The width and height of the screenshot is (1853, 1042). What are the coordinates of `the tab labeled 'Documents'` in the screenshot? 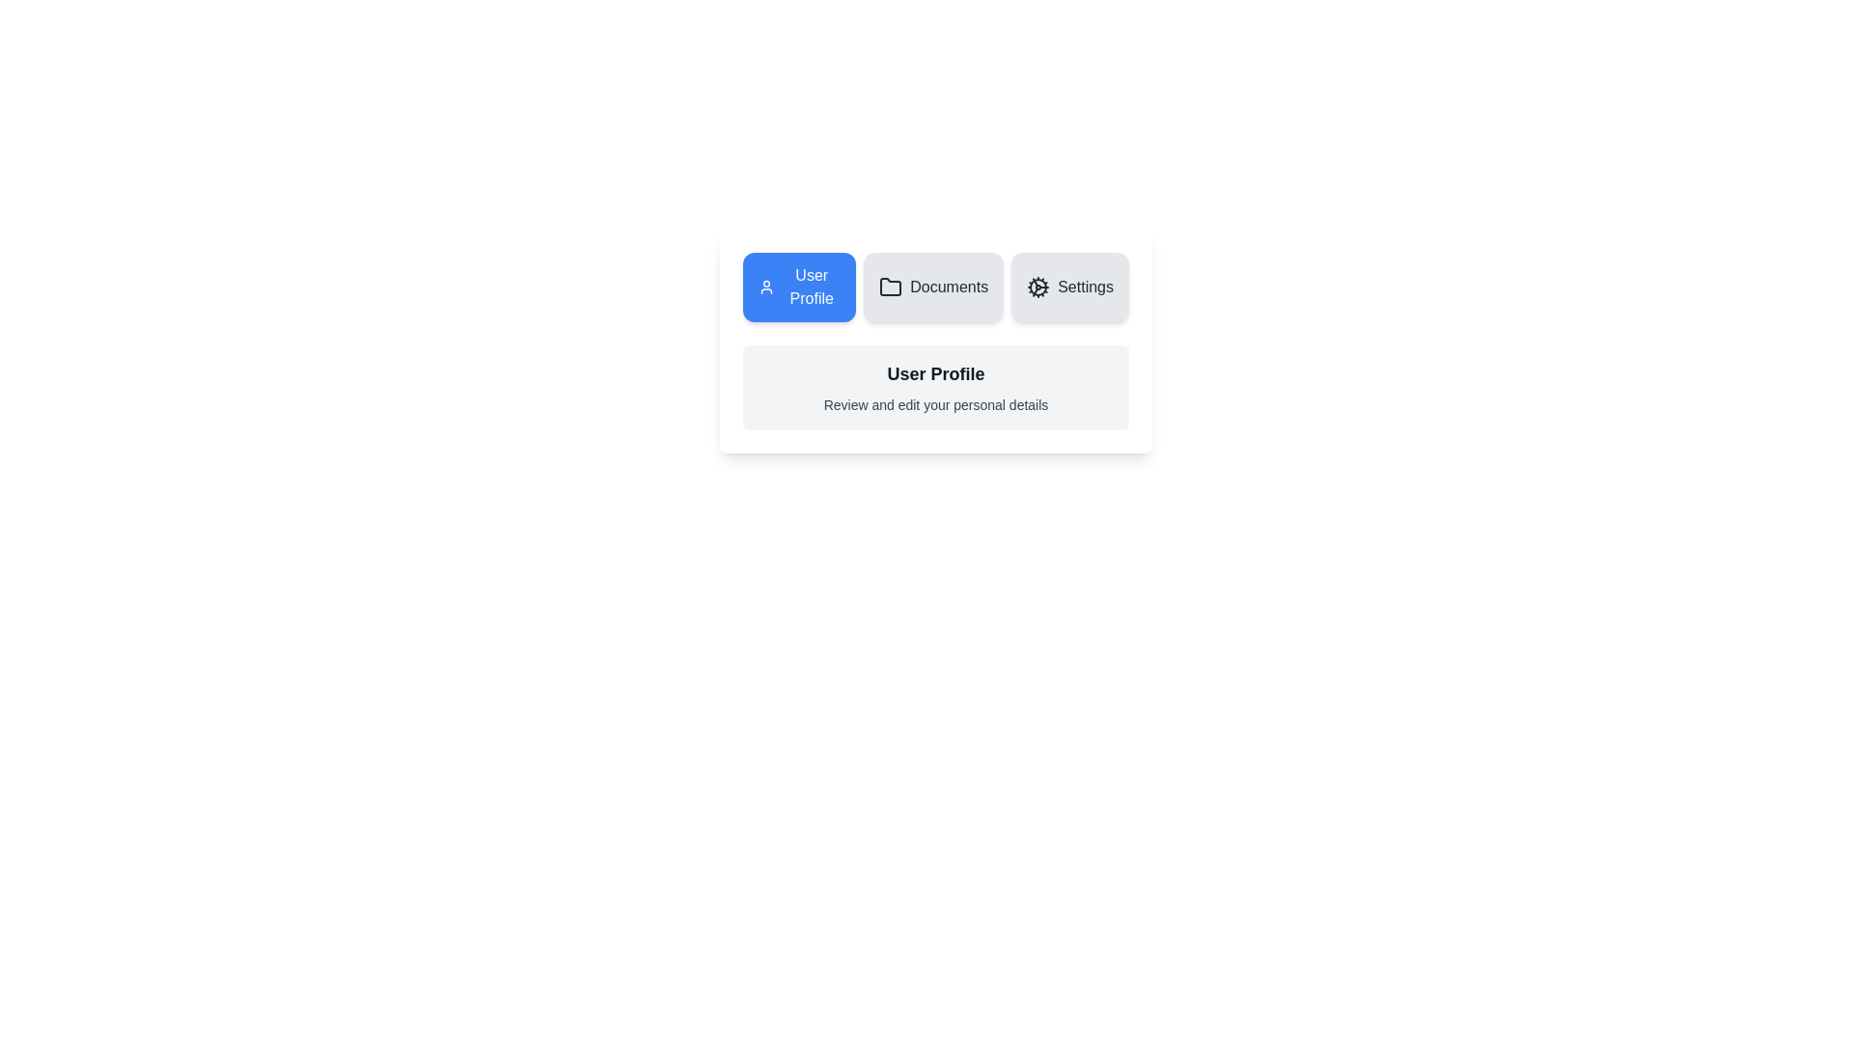 It's located at (932, 287).